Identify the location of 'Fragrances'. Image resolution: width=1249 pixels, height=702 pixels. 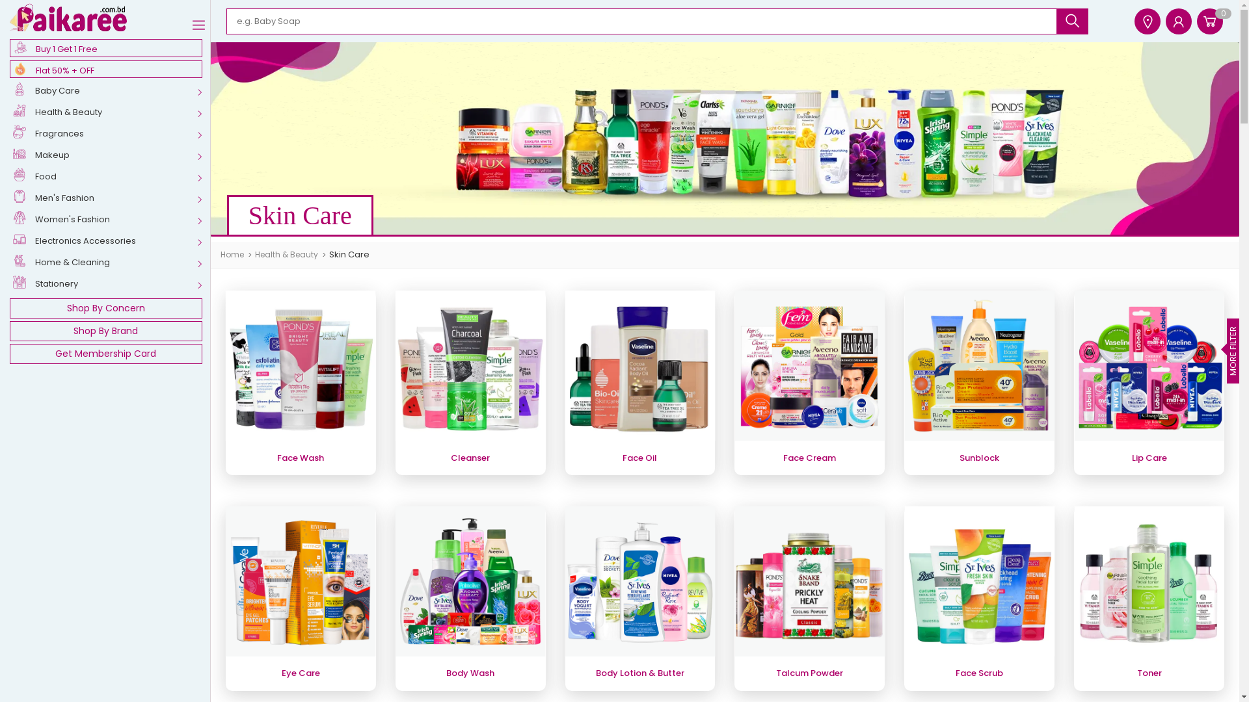
(109, 135).